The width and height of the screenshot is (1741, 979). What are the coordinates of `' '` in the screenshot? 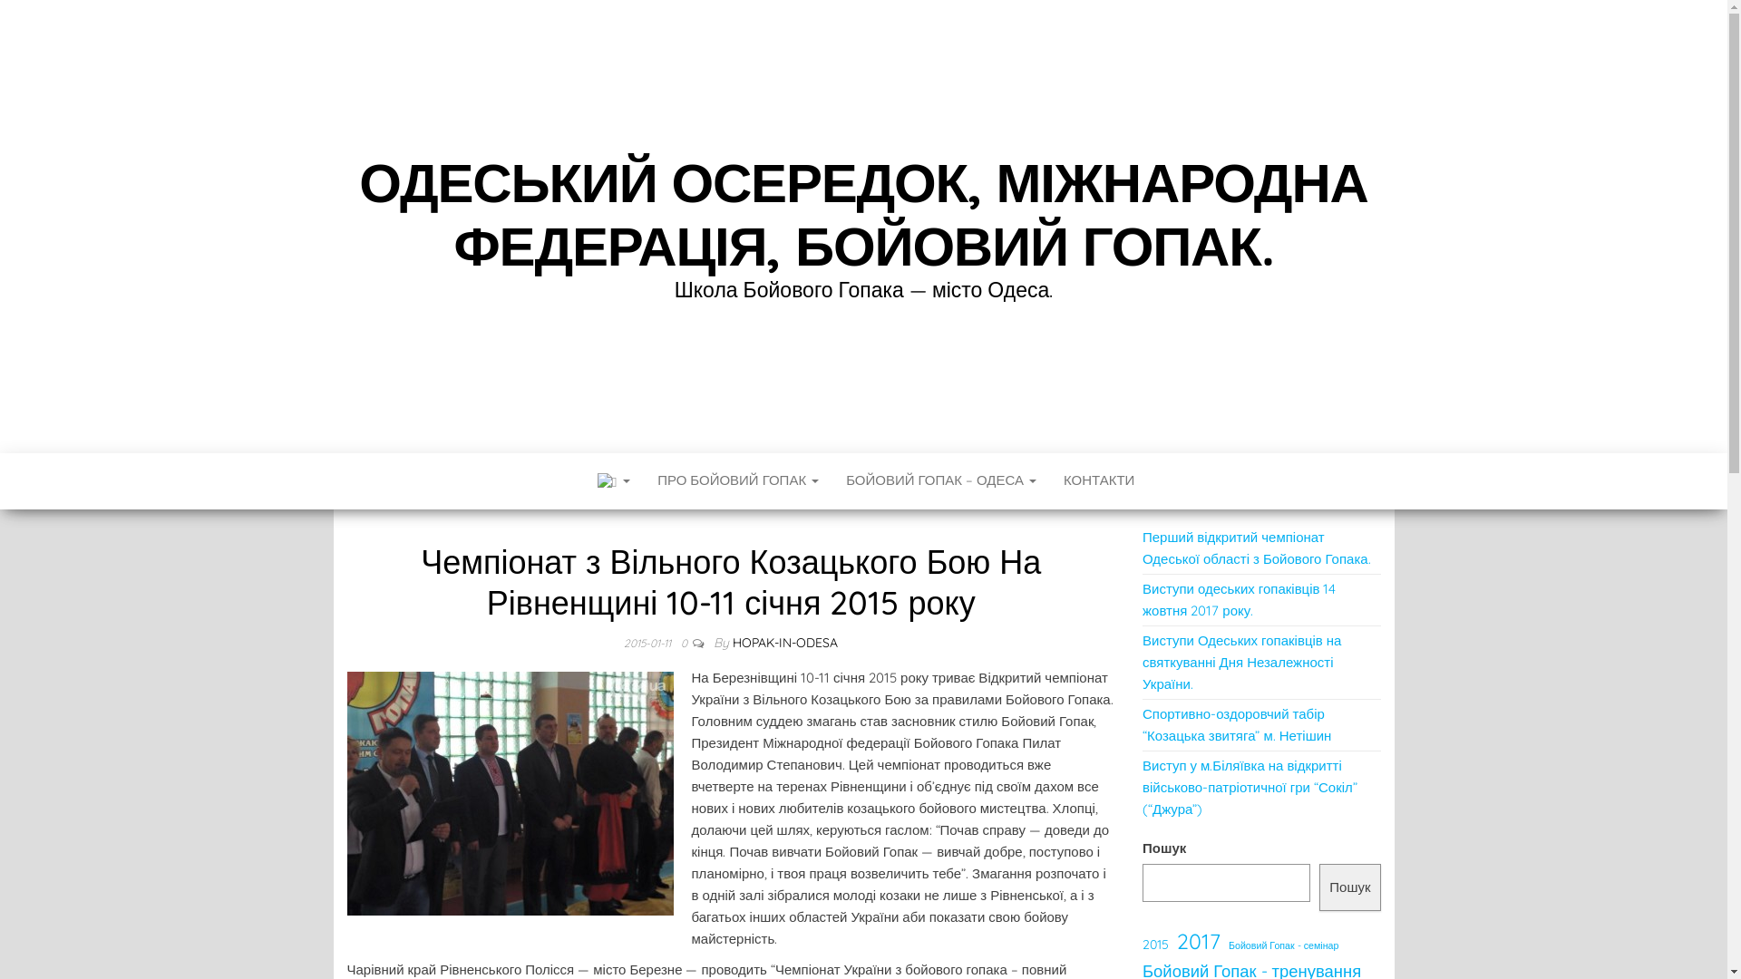 It's located at (612, 480).